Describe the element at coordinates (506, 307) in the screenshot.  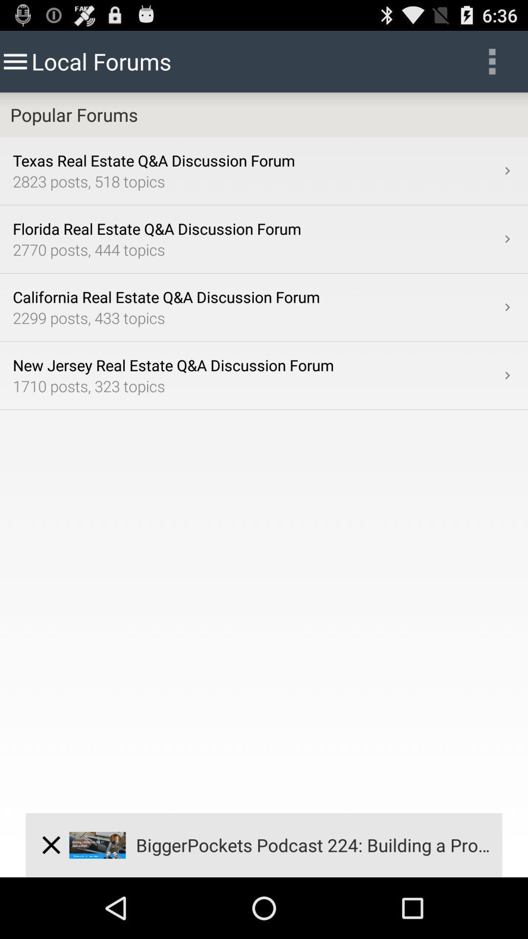
I see `the app next to california real estate` at that location.